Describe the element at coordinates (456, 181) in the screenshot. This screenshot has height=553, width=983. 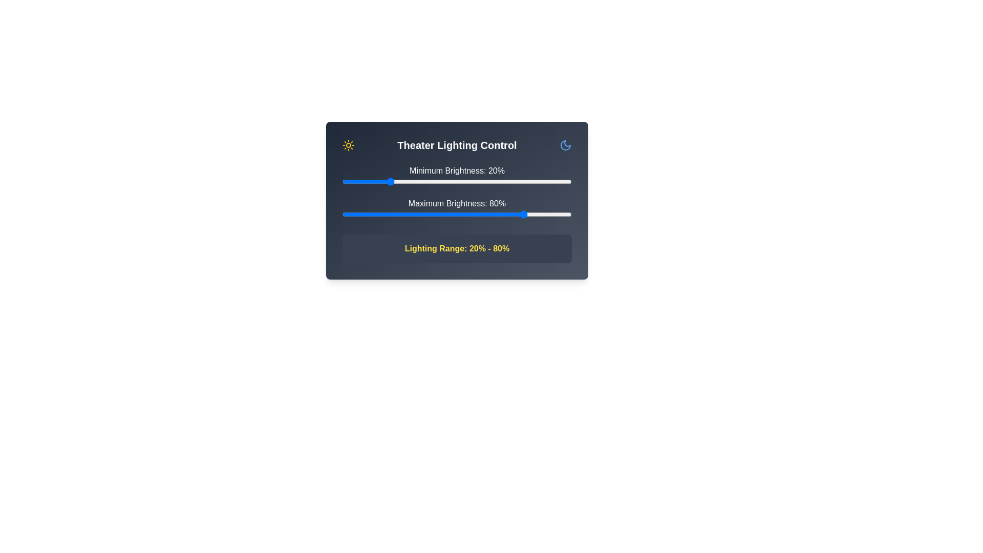
I see `the minimum brightness to 50% by interacting with the slider` at that location.